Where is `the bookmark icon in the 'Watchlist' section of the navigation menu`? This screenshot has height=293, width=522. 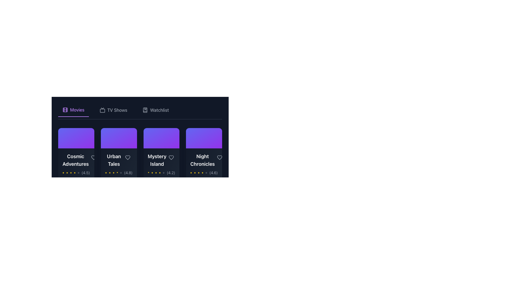 the bookmark icon in the 'Watchlist' section of the navigation menu is located at coordinates (145, 110).